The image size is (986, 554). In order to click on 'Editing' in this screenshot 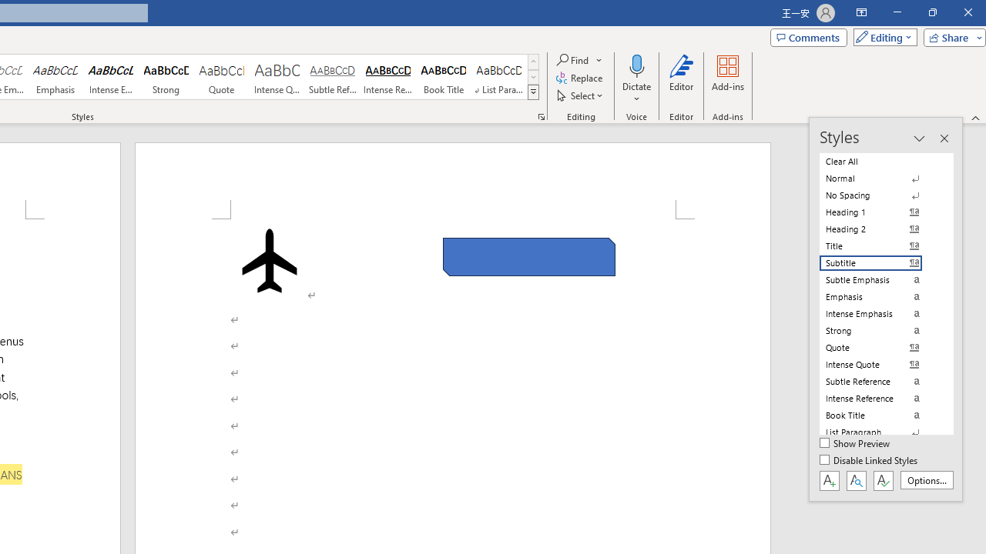, I will do `click(881, 36)`.